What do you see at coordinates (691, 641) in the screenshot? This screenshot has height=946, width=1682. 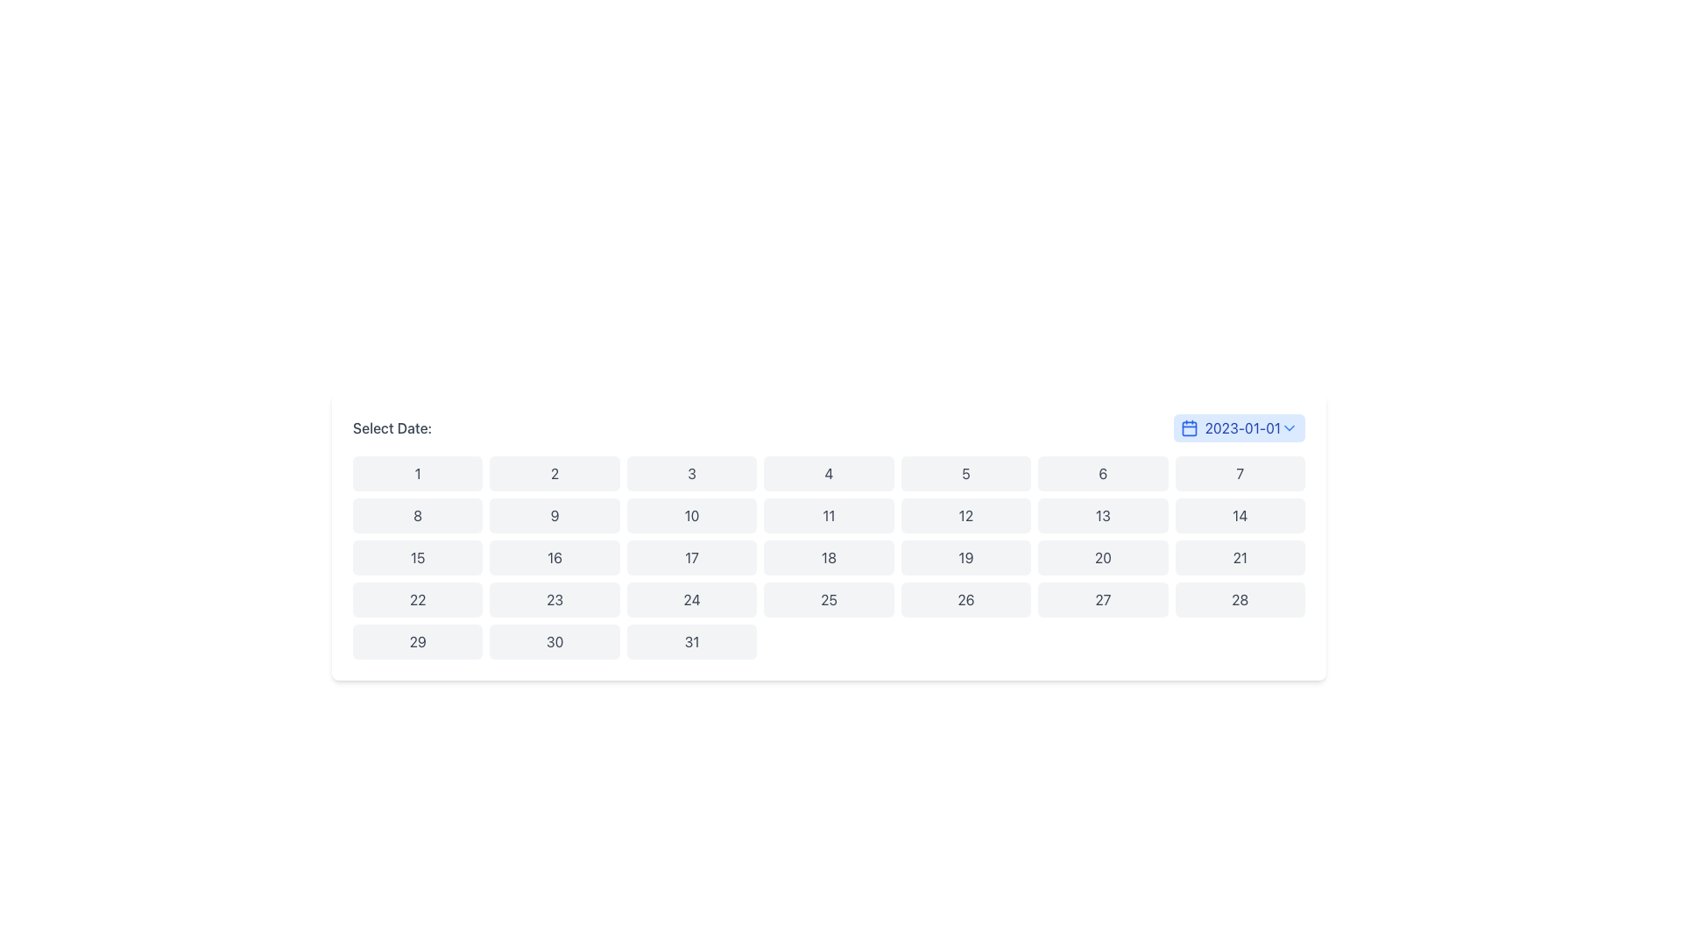 I see `the square button with a light gray background and the number '31' centered in dark gray text, located in the bottom-right corner of the grid layout` at bounding box center [691, 641].